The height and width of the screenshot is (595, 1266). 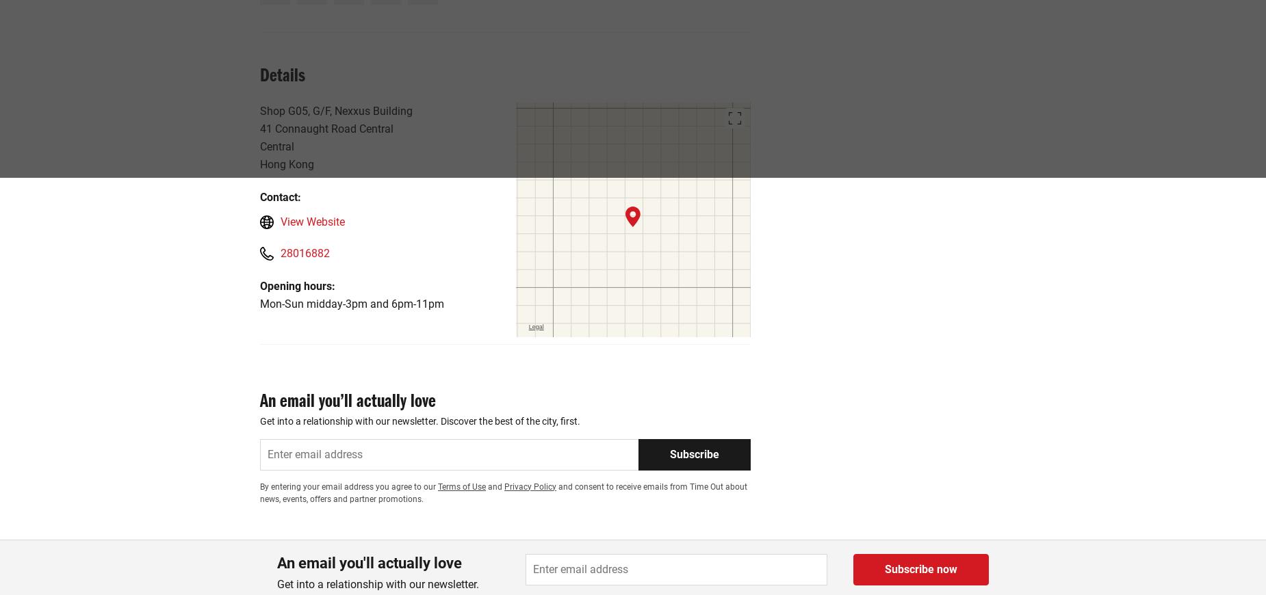 What do you see at coordinates (296, 285) in the screenshot?
I see `'Opening hours:'` at bounding box center [296, 285].